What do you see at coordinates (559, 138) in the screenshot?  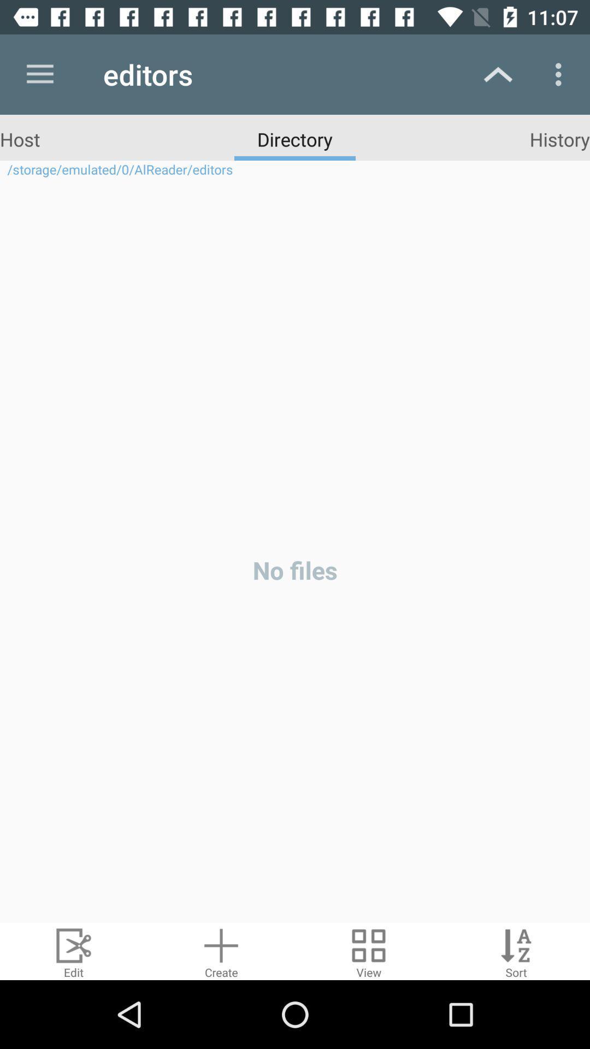 I see `the history item` at bounding box center [559, 138].